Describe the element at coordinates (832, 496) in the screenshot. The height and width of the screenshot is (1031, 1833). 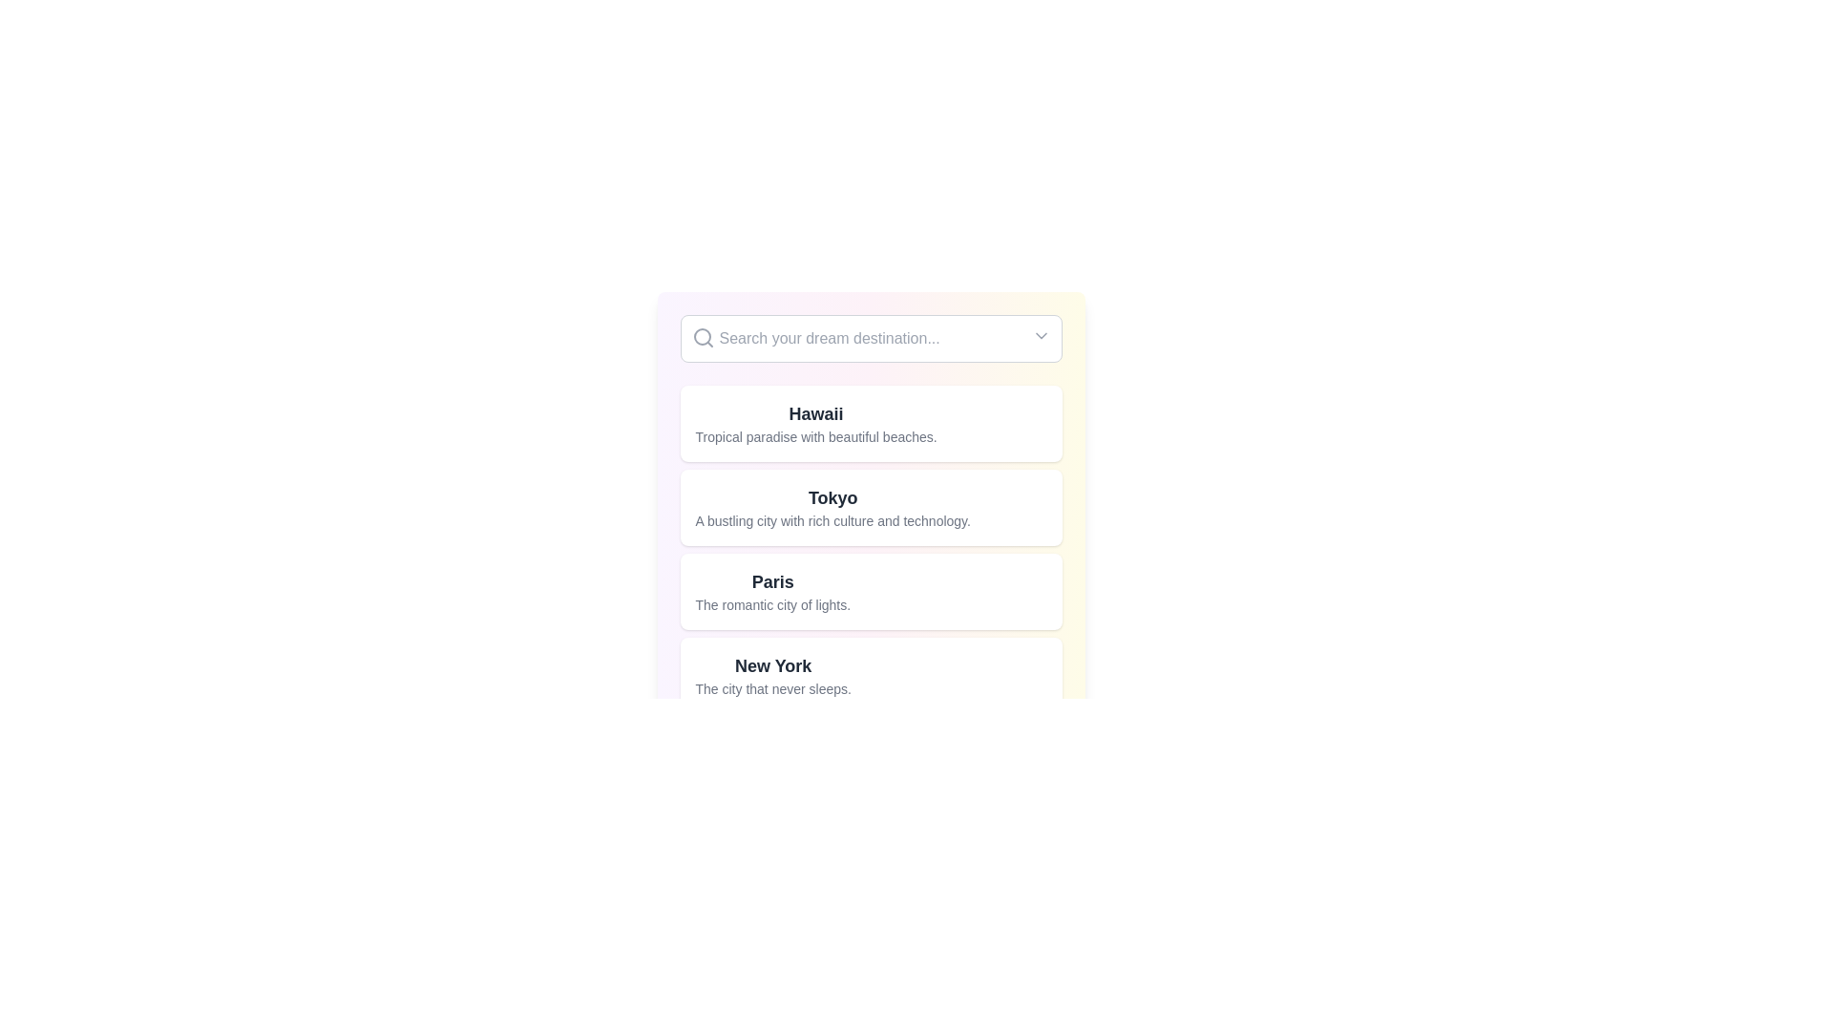
I see `on the bold text label displaying 'Tokyo'` at that location.